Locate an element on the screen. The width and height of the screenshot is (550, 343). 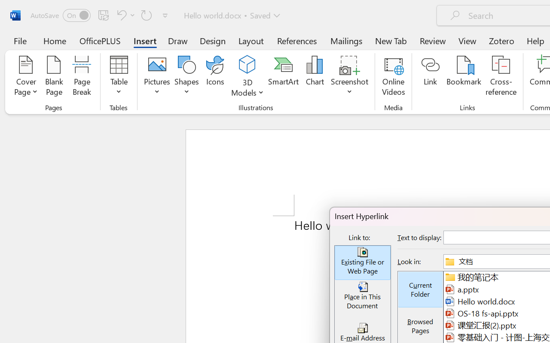
'Mailings' is located at coordinates (346, 40).